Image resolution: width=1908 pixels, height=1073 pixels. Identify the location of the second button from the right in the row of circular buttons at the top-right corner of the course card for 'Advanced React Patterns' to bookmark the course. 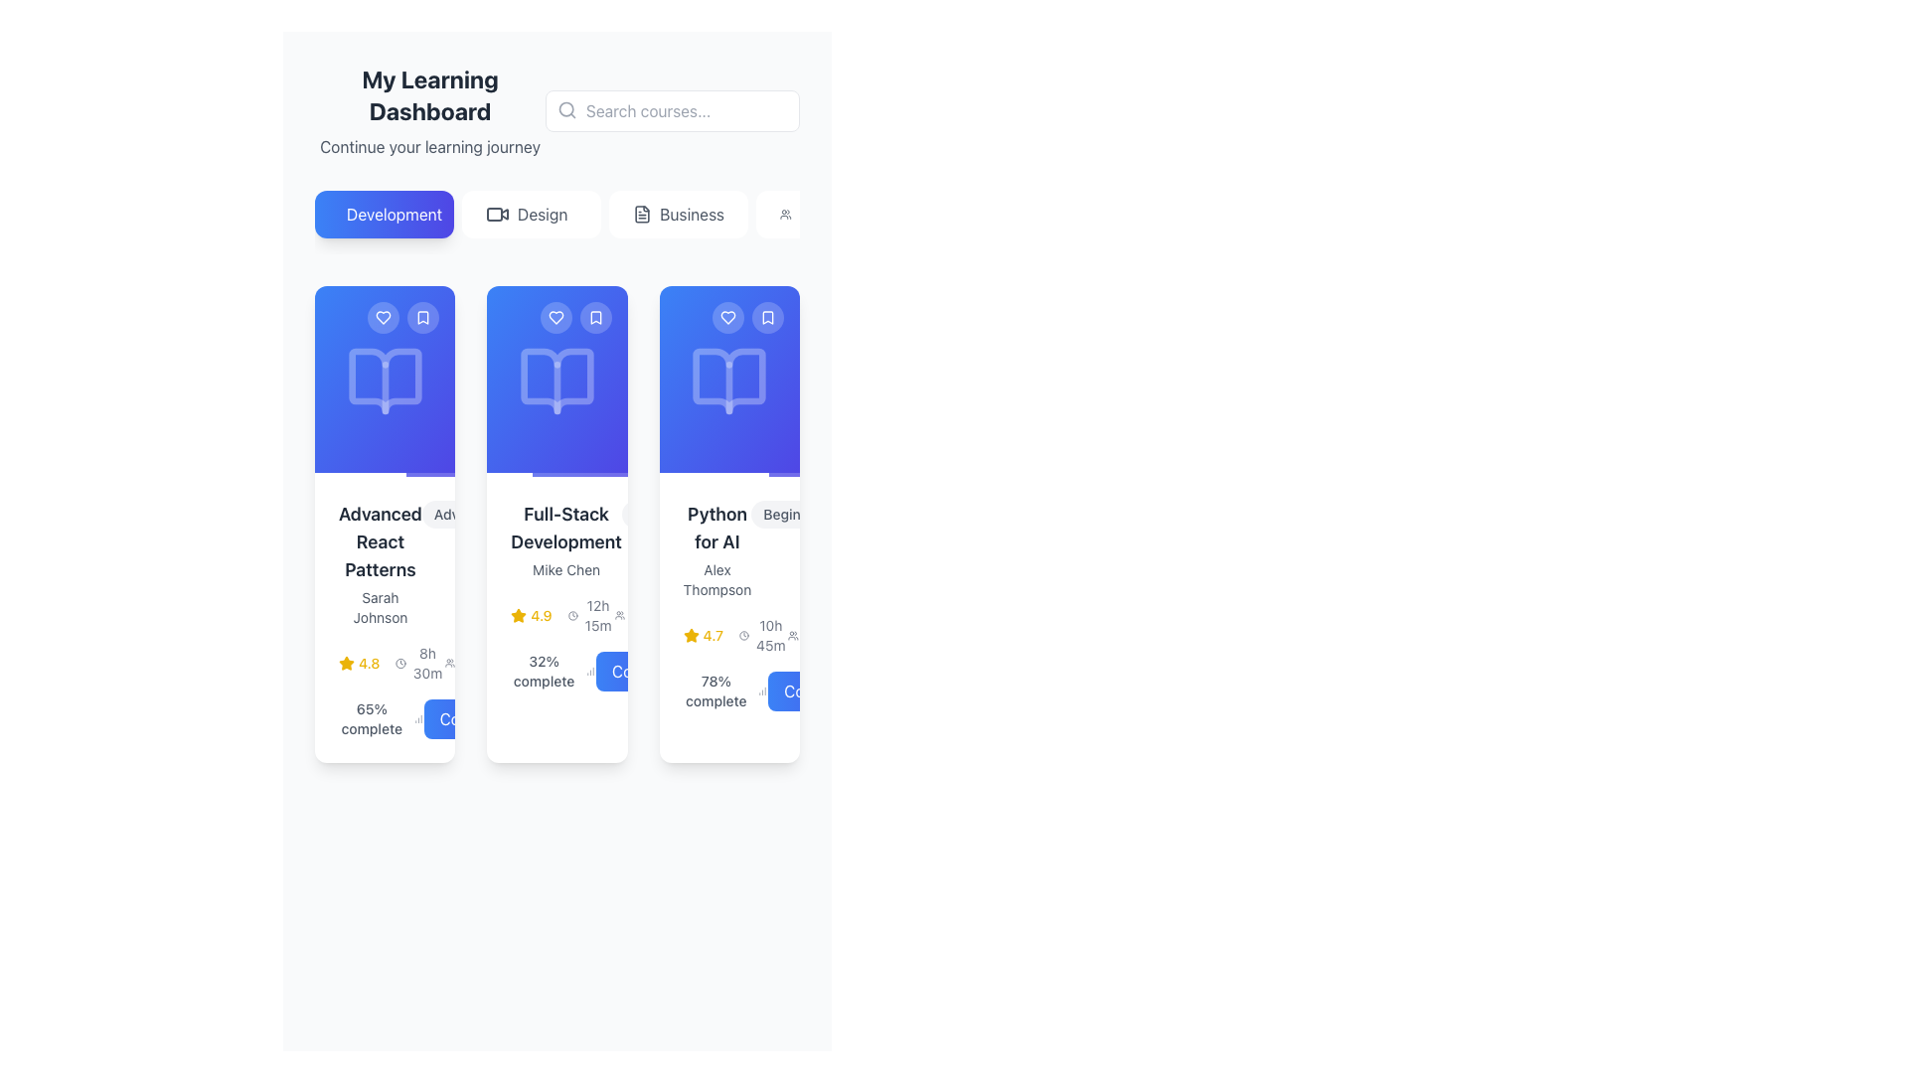
(422, 317).